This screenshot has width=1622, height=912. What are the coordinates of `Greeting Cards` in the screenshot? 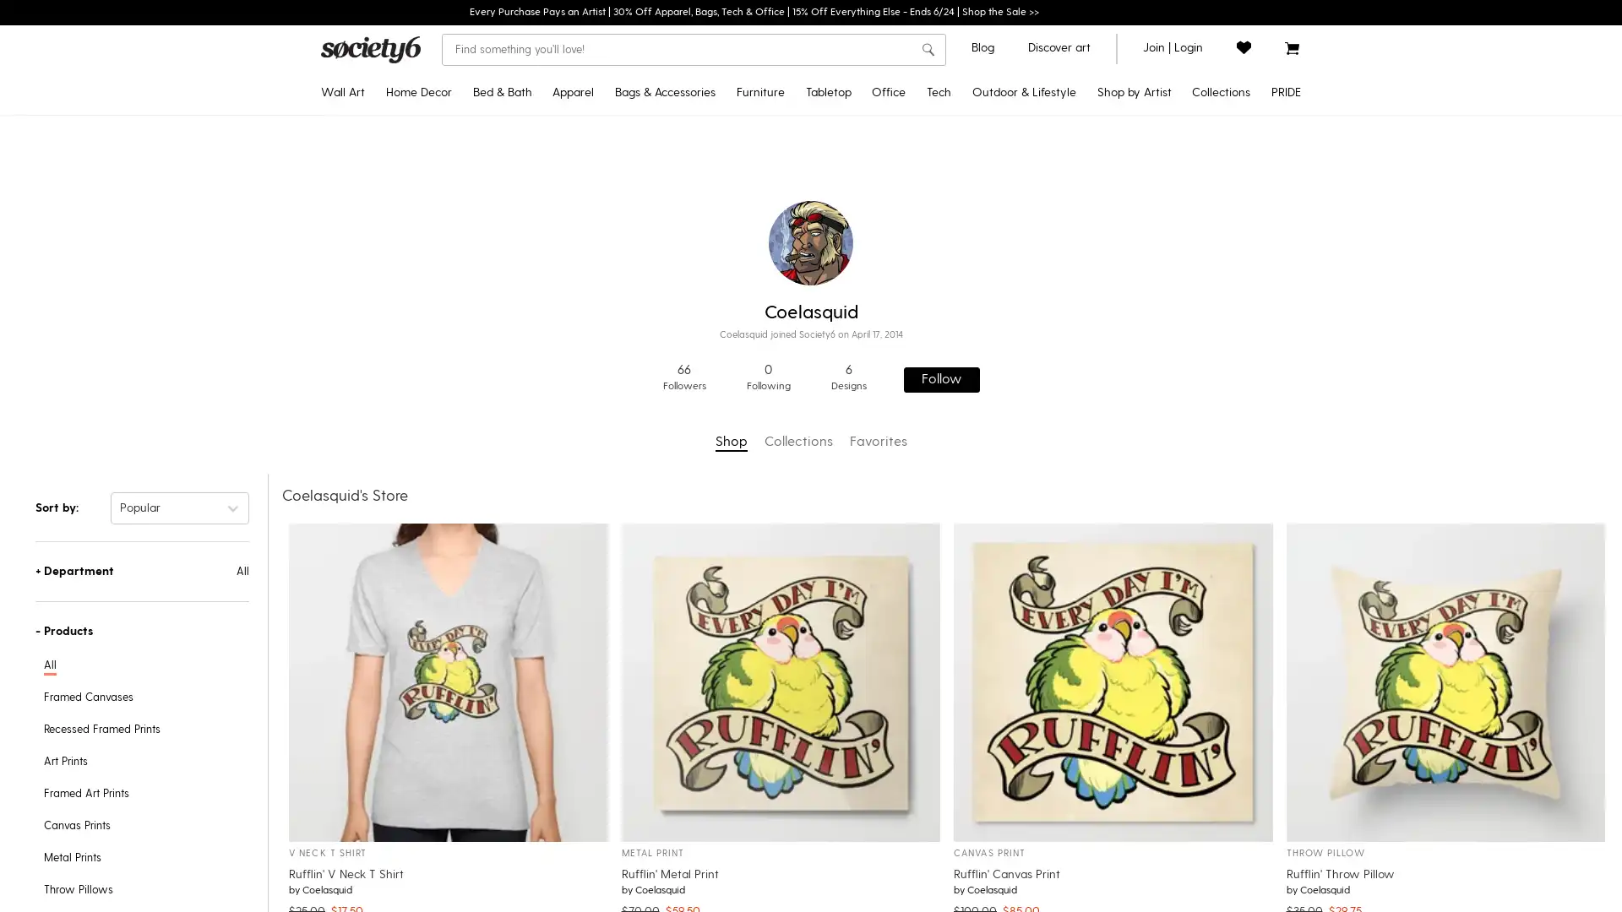 It's located at (930, 381).